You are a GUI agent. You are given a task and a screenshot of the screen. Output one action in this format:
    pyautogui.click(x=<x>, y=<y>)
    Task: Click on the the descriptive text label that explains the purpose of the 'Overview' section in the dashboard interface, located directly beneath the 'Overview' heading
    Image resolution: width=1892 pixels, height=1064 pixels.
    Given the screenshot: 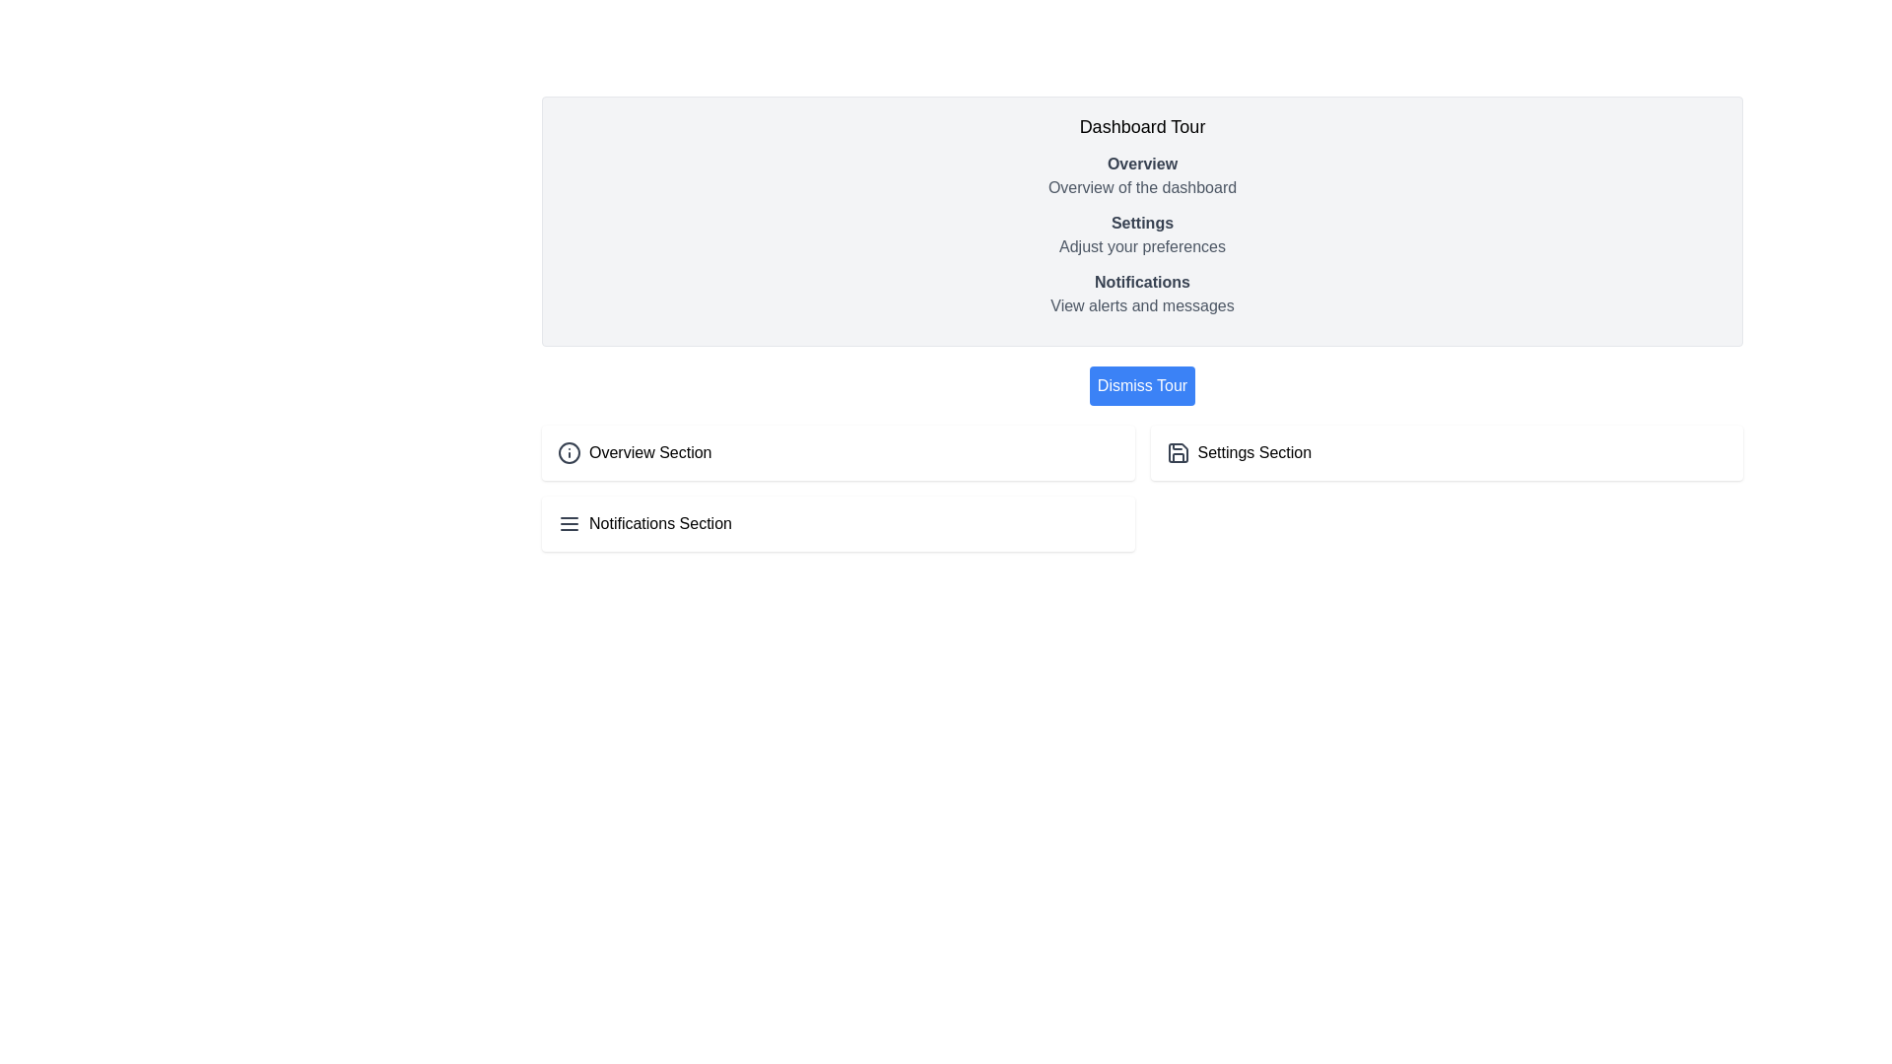 What is the action you would take?
    pyautogui.click(x=1142, y=188)
    